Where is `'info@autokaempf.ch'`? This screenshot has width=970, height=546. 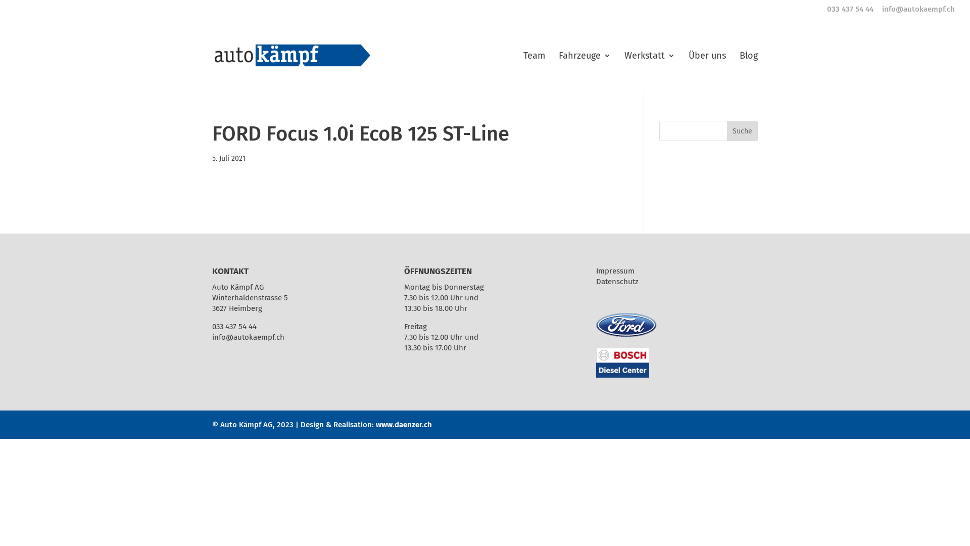
'info@autokaempf.ch' is located at coordinates (918, 9).